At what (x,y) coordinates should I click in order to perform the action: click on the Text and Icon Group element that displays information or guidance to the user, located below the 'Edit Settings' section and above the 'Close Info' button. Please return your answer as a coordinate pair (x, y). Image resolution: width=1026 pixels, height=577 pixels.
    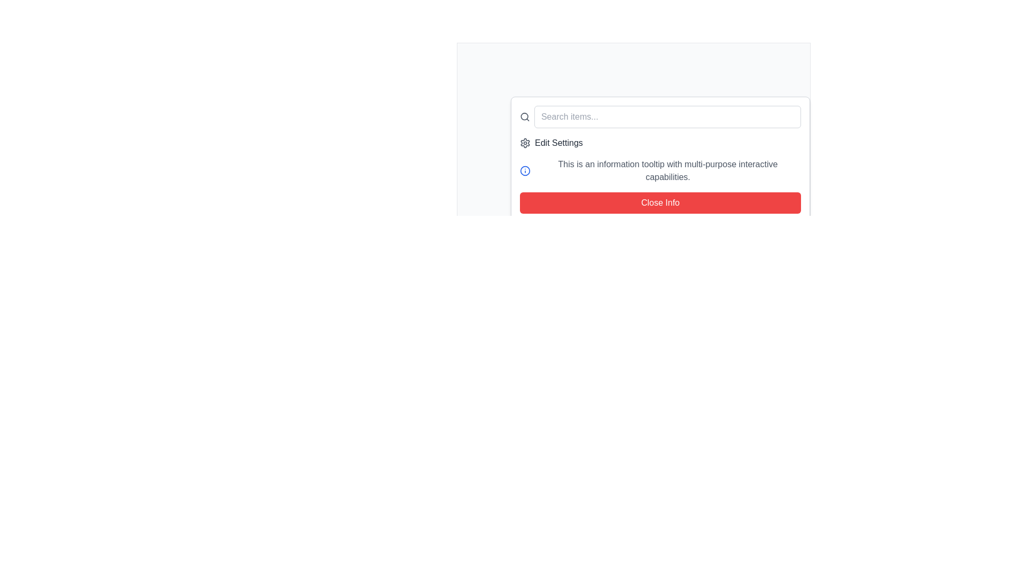
    Looking at the image, I should click on (660, 170).